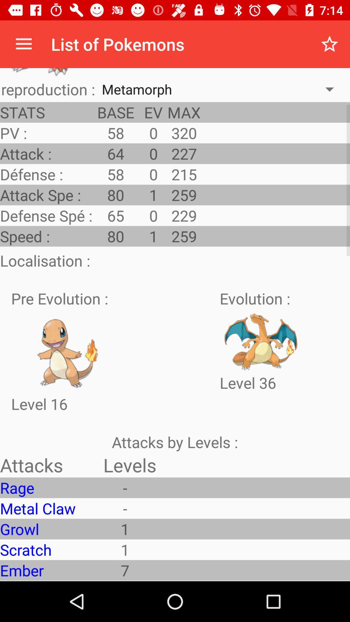 This screenshot has width=350, height=622. I want to click on image, so click(68, 351).